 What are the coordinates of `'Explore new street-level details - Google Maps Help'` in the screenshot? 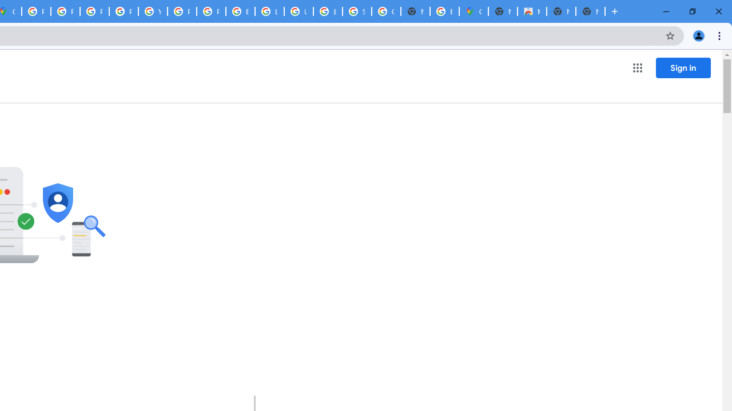 It's located at (443, 11).